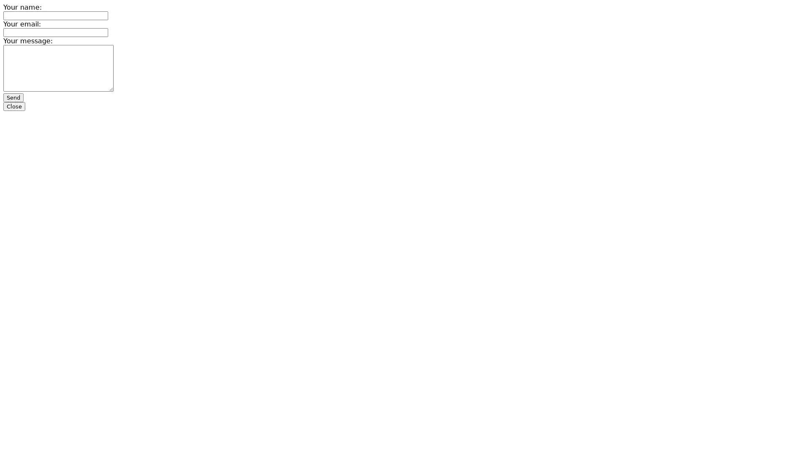 Image resolution: width=808 pixels, height=454 pixels. Describe the element at coordinates (14, 106) in the screenshot. I see `Close` at that location.